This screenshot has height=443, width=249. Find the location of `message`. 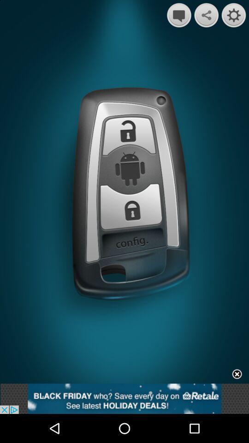

message is located at coordinates (179, 15).